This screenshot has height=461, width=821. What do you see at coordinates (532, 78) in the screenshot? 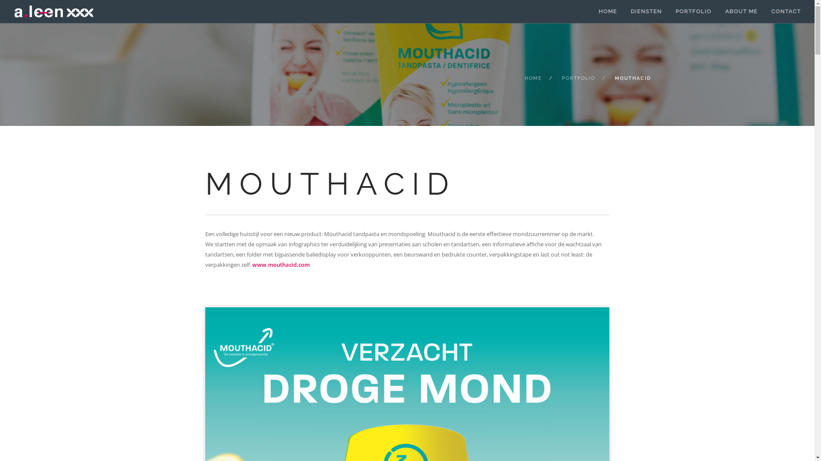
I see `'HOME'` at bounding box center [532, 78].